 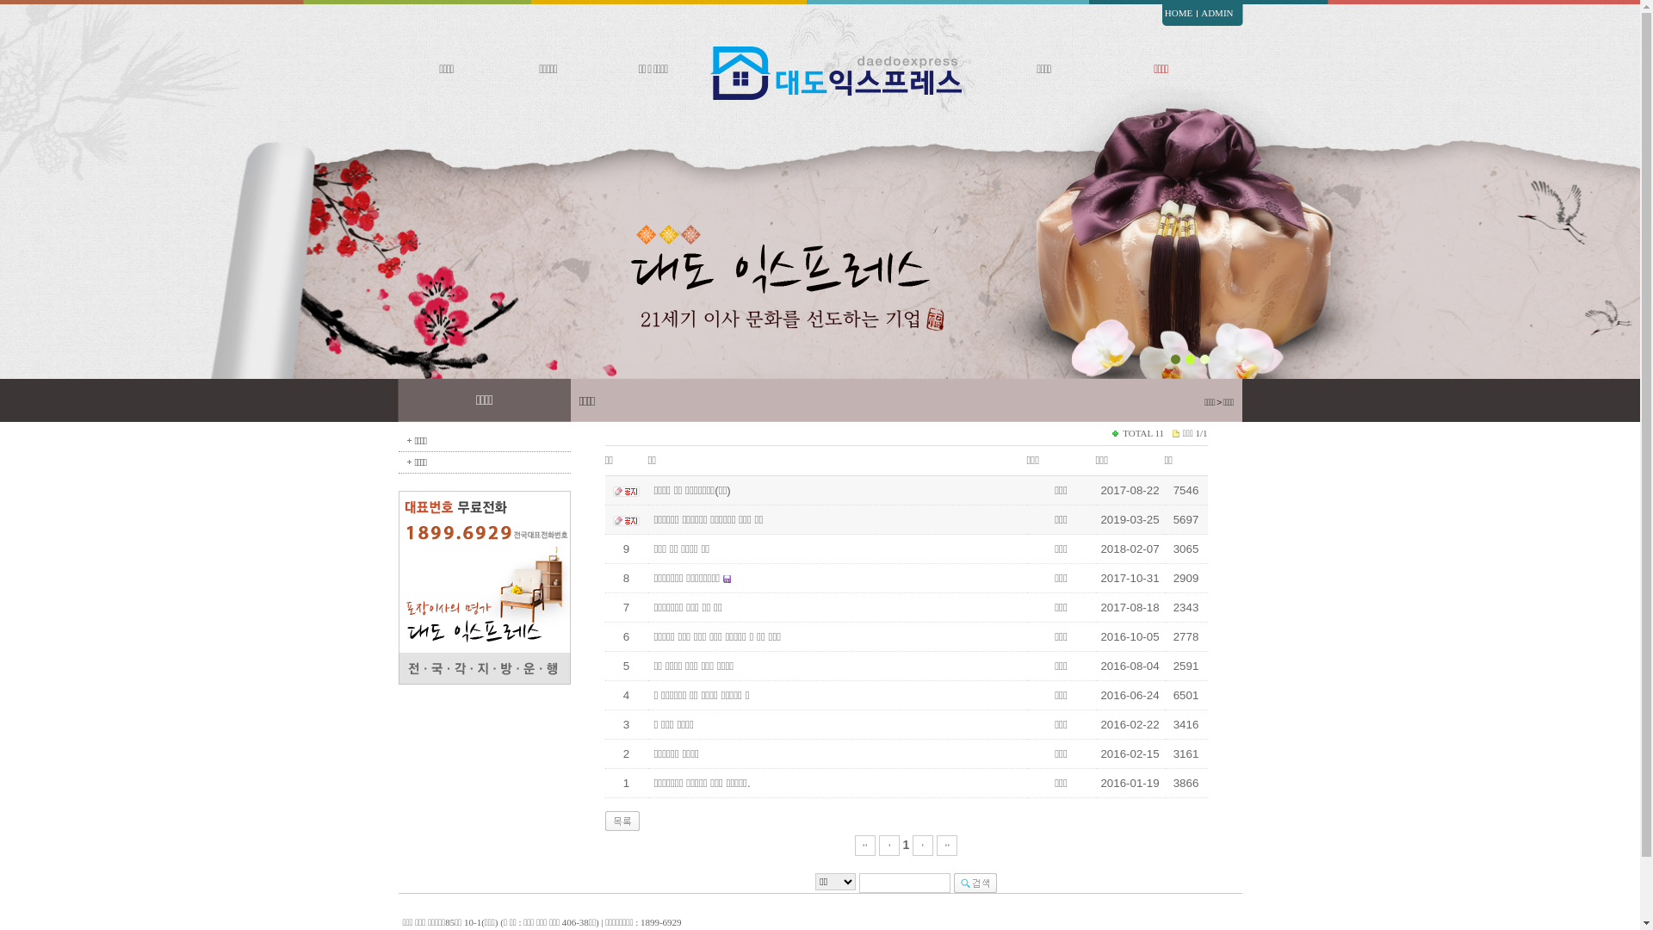 What do you see at coordinates (905, 843) in the screenshot?
I see `'1'` at bounding box center [905, 843].